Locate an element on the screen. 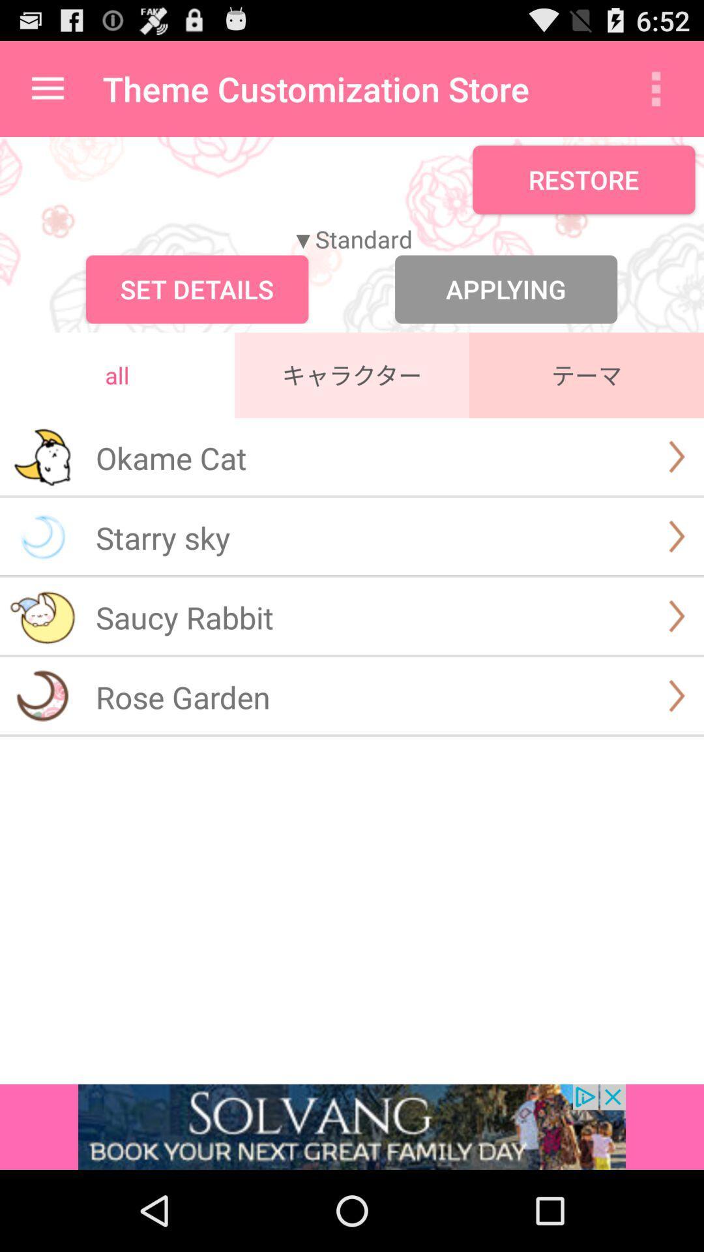 Image resolution: width=704 pixels, height=1252 pixels. open advertisement is located at coordinates (352, 1126).